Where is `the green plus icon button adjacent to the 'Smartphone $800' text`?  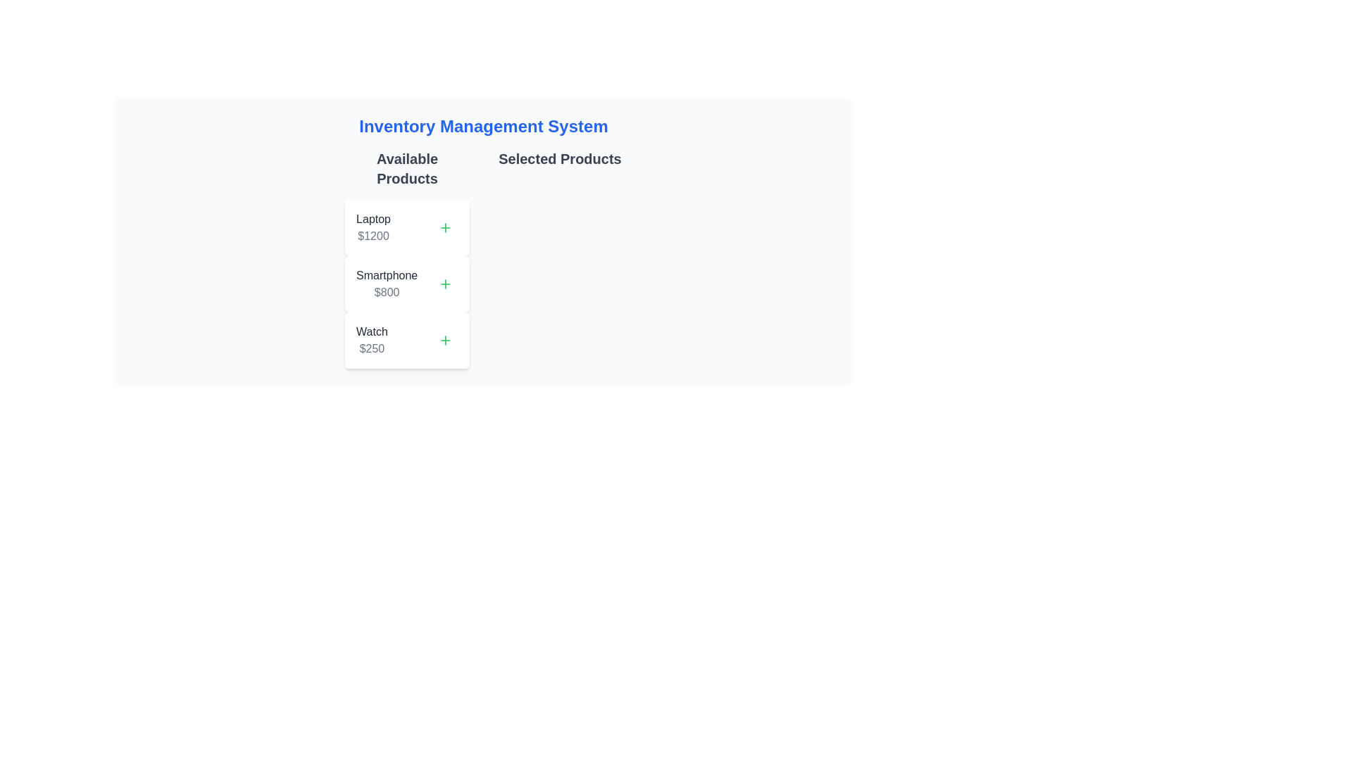 the green plus icon button adjacent to the 'Smartphone $800' text is located at coordinates (445, 284).